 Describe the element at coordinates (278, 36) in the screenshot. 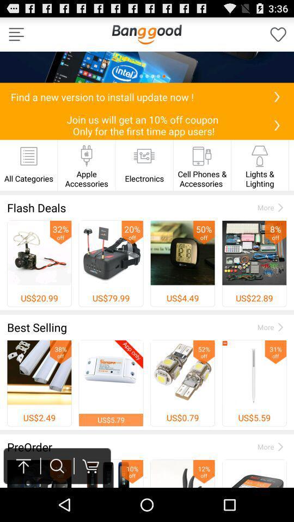

I see `the favorite icon` at that location.